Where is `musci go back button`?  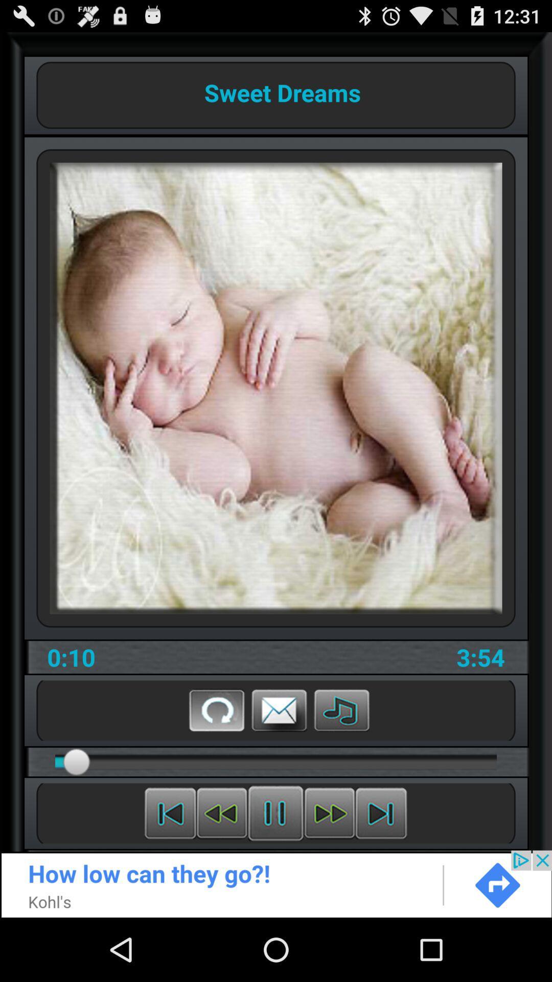
musci go back button is located at coordinates (221, 813).